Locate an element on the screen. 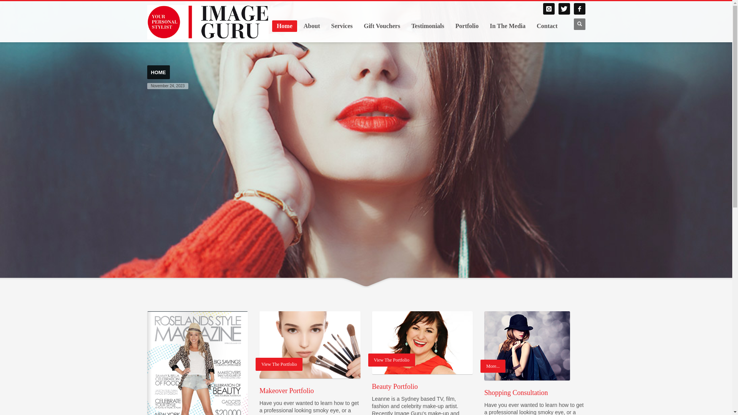 This screenshot has width=738, height=415. 'In The Media' is located at coordinates (485, 26).